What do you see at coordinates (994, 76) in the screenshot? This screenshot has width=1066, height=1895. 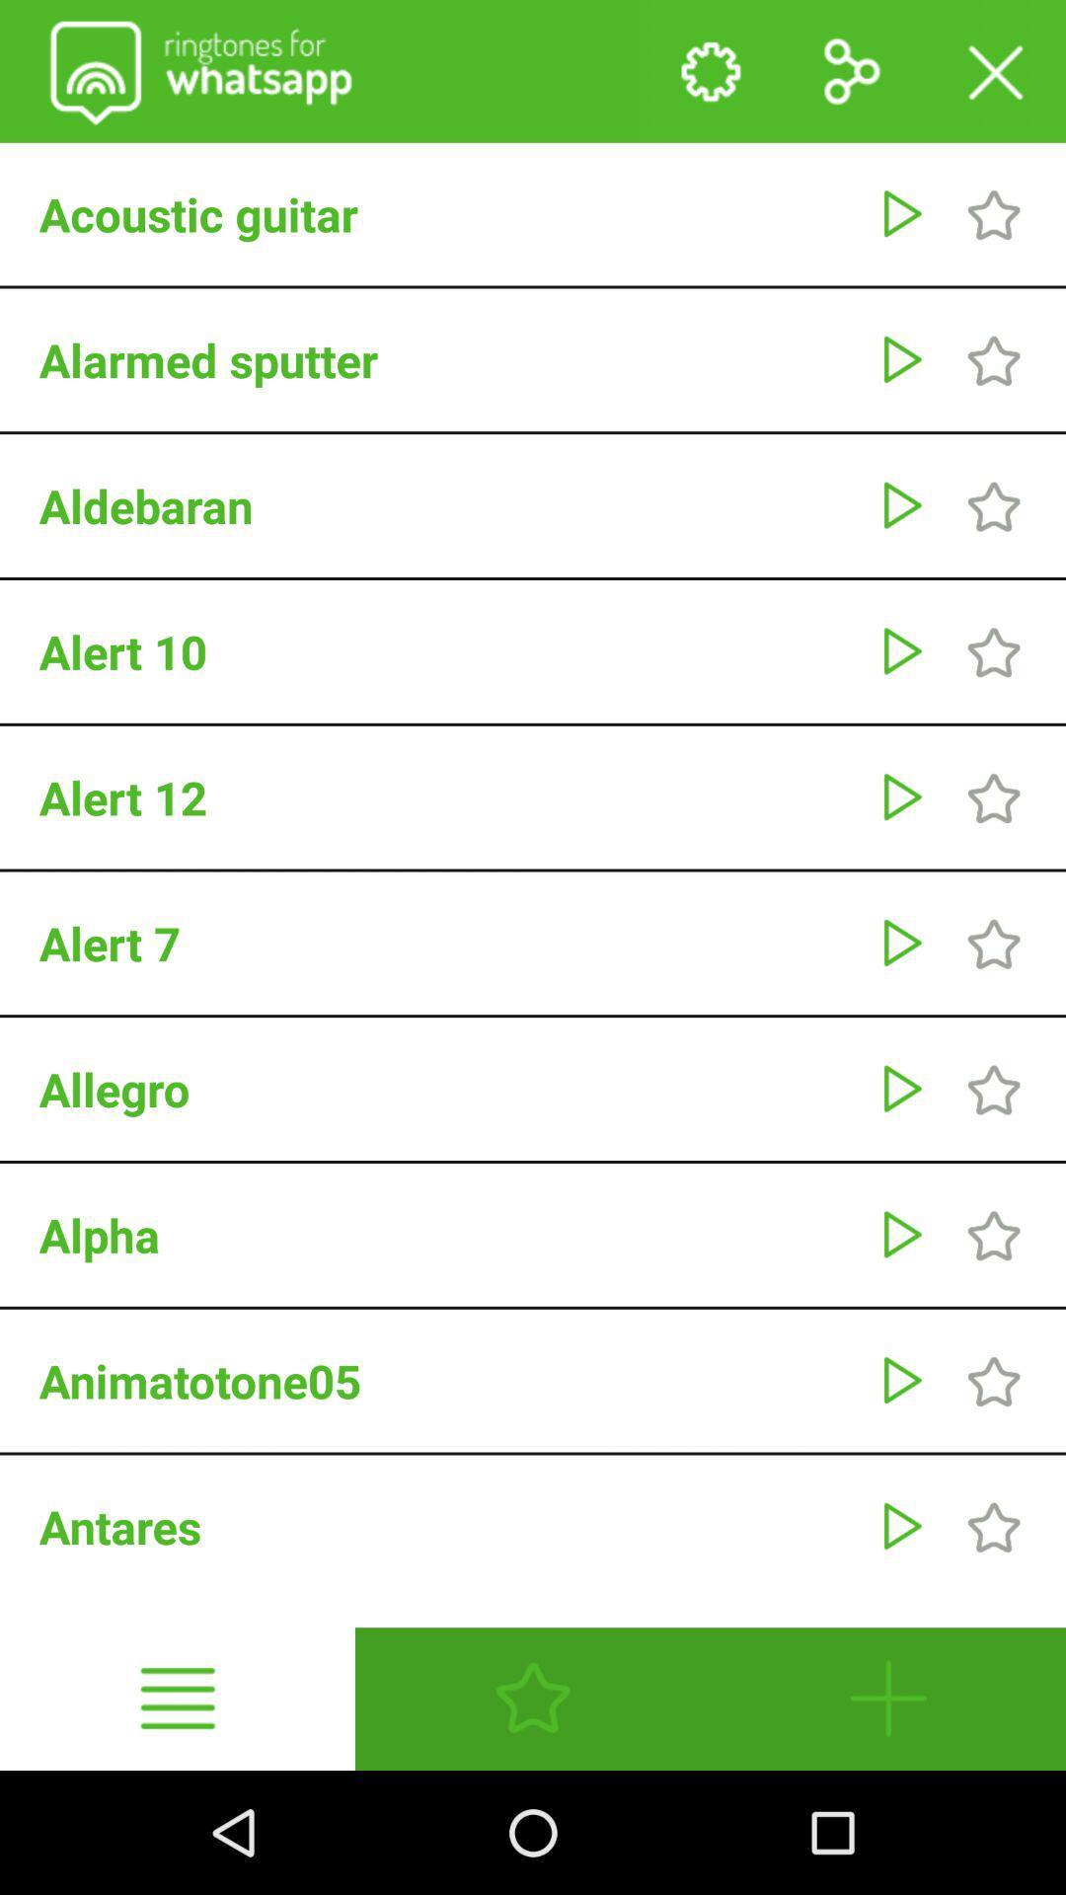 I see `the close icon` at bounding box center [994, 76].